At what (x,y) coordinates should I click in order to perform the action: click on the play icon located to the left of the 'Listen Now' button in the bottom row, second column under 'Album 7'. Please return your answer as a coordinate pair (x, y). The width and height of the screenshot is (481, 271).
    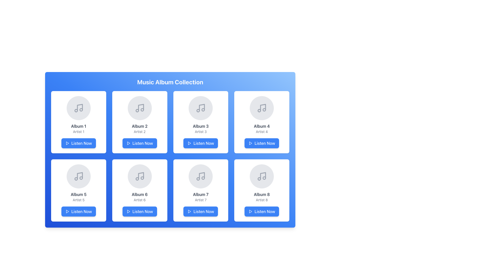
    Looking at the image, I should click on (189, 212).